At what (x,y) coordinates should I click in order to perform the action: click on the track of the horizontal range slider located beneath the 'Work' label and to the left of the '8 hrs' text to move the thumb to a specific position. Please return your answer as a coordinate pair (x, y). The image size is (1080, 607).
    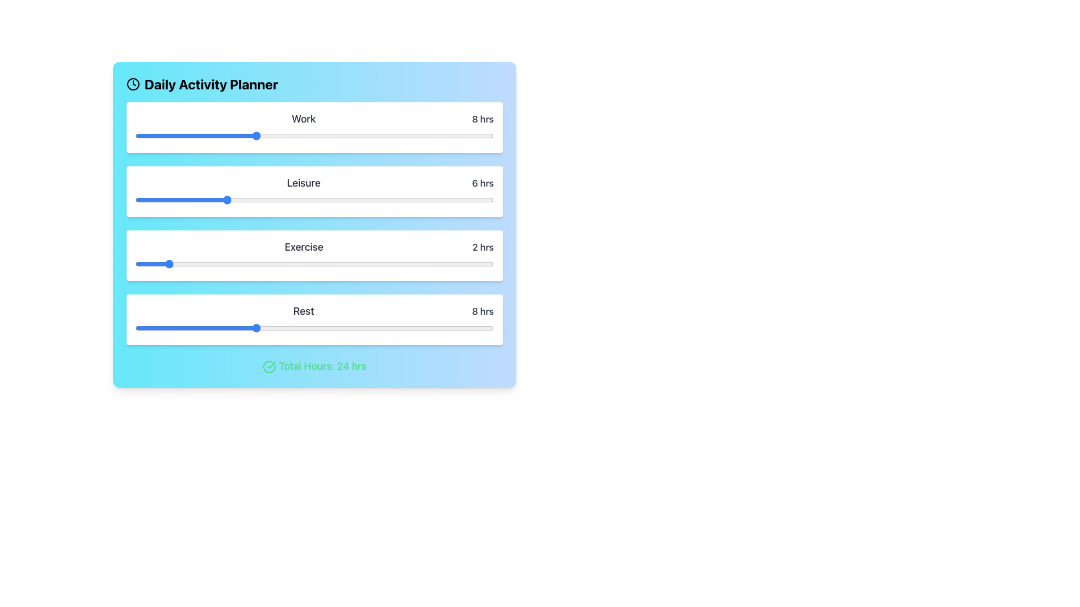
    Looking at the image, I should click on (314, 135).